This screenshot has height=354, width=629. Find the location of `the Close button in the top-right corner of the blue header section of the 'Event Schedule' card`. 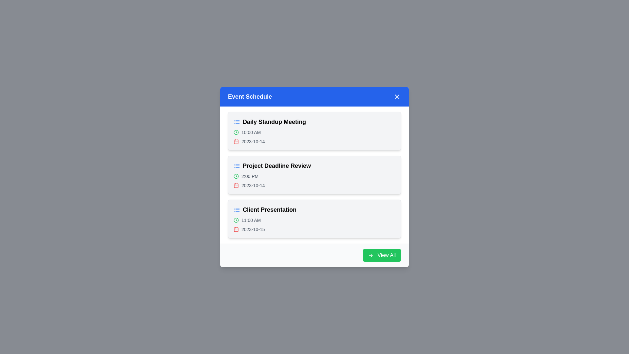

the Close button in the top-right corner of the blue header section of the 'Event Schedule' card is located at coordinates (396, 96).